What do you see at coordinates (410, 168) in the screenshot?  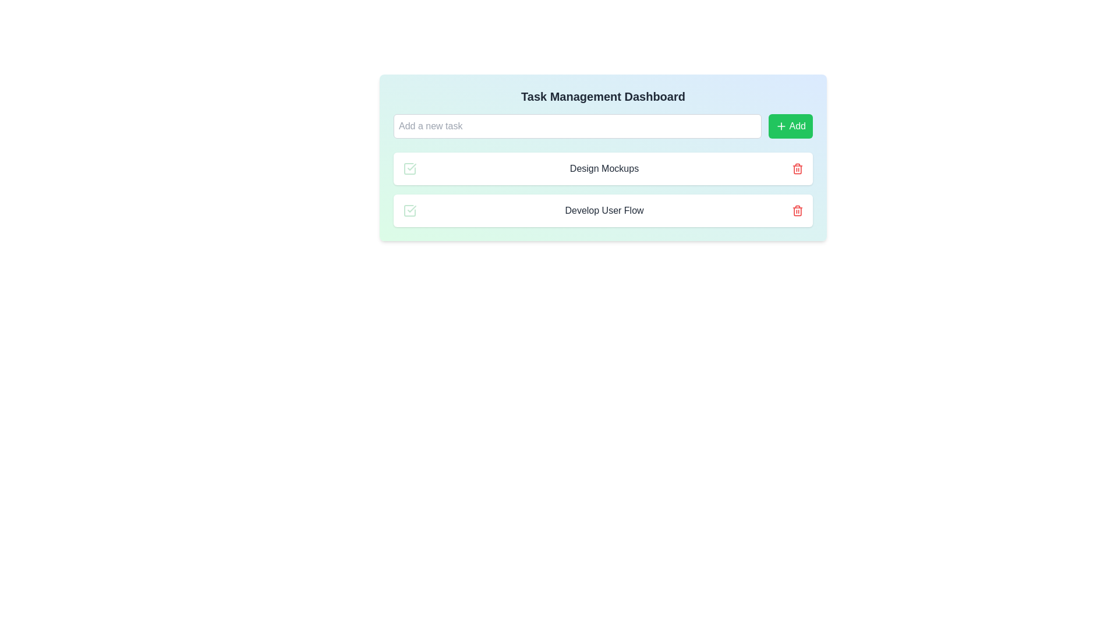 I see `the visual state of the first checkbox icon representing part of a checkbox, located to the left of the text labeled 'Design Mockups'` at bounding box center [410, 168].